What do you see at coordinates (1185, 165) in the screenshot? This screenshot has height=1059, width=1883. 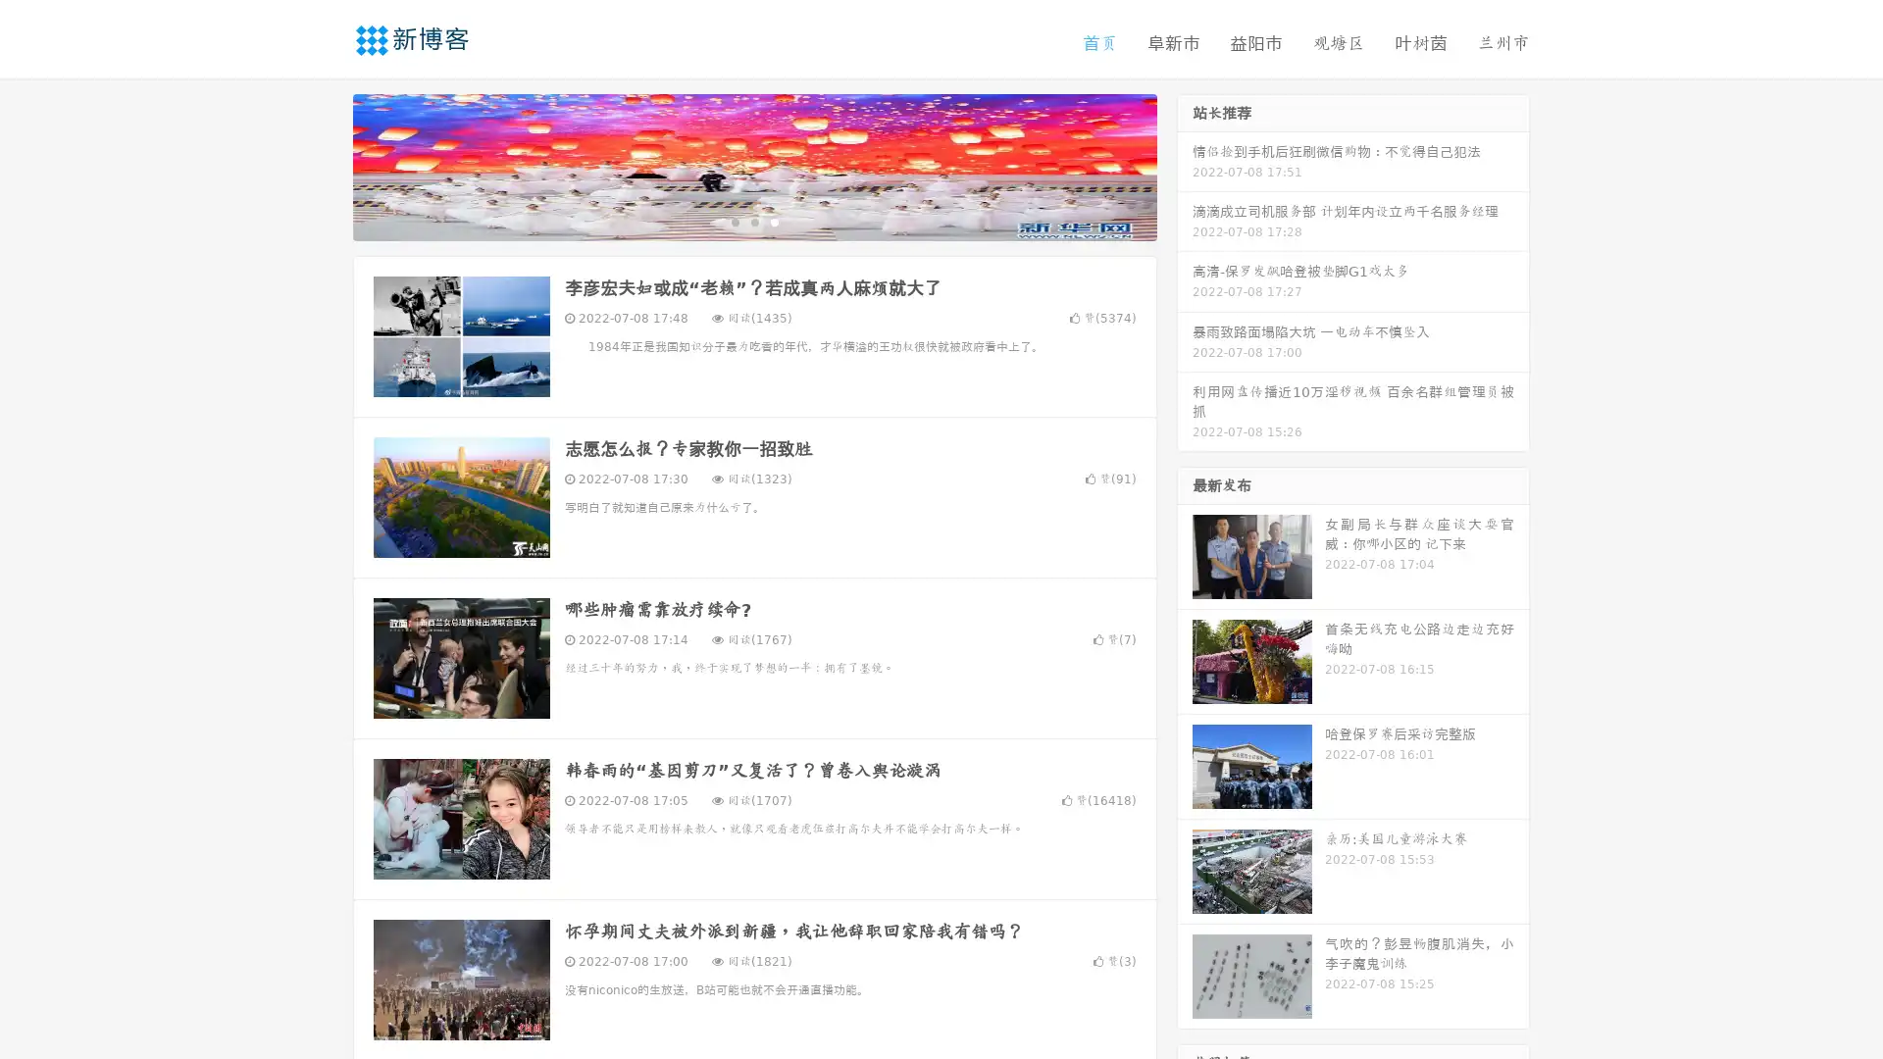 I see `Next slide` at bounding box center [1185, 165].